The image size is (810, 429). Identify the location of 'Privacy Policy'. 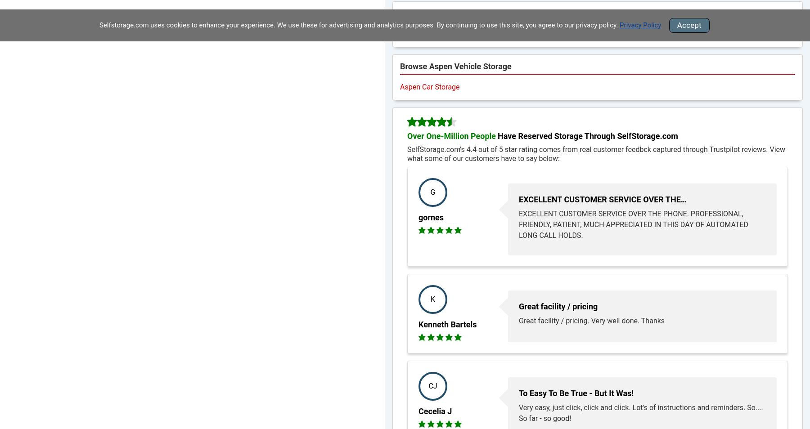
(619, 24).